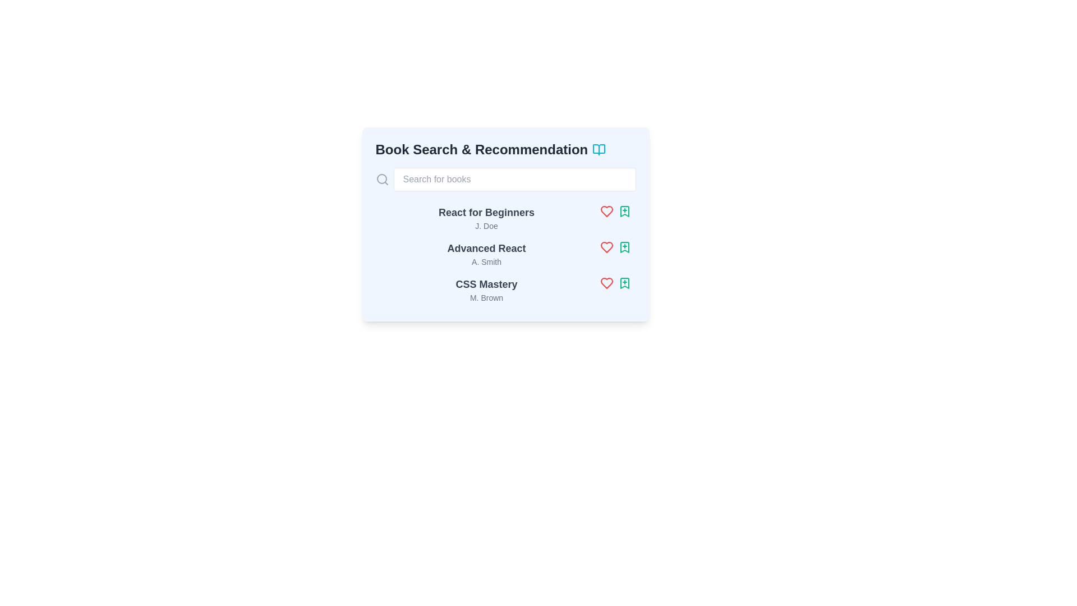 The width and height of the screenshot is (1077, 606). I want to click on the static text label displaying 'A. Smith', which is located below 'Advanced React' within the 'Book Search & Recommendation' panel, so click(486, 261).